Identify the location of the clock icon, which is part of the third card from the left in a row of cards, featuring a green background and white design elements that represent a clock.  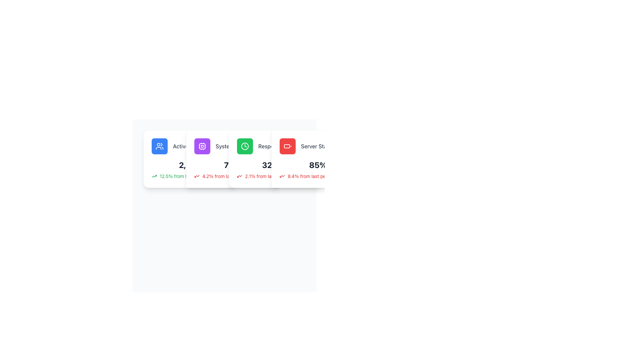
(244, 146).